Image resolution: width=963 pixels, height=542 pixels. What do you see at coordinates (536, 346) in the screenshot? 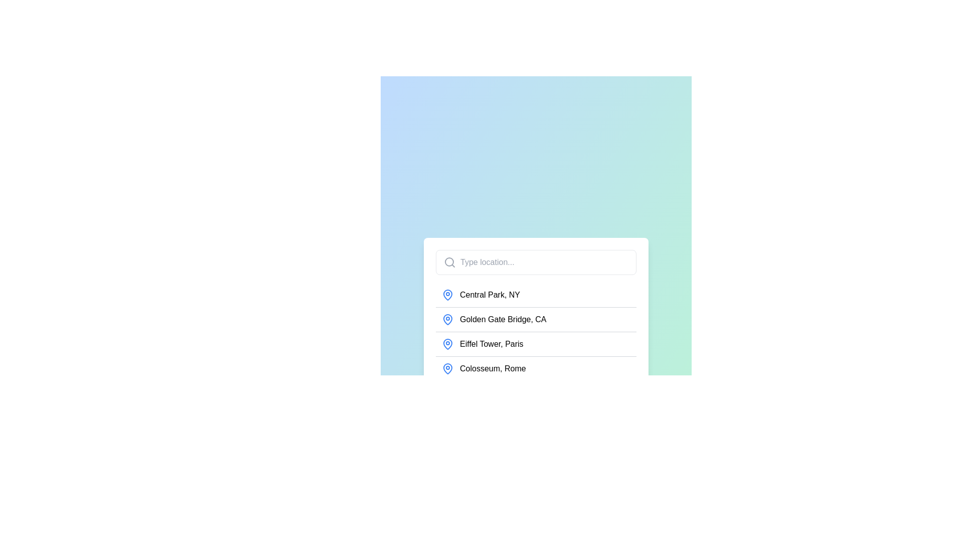
I see `the third selectable list item in the vertical list of locations` at bounding box center [536, 346].